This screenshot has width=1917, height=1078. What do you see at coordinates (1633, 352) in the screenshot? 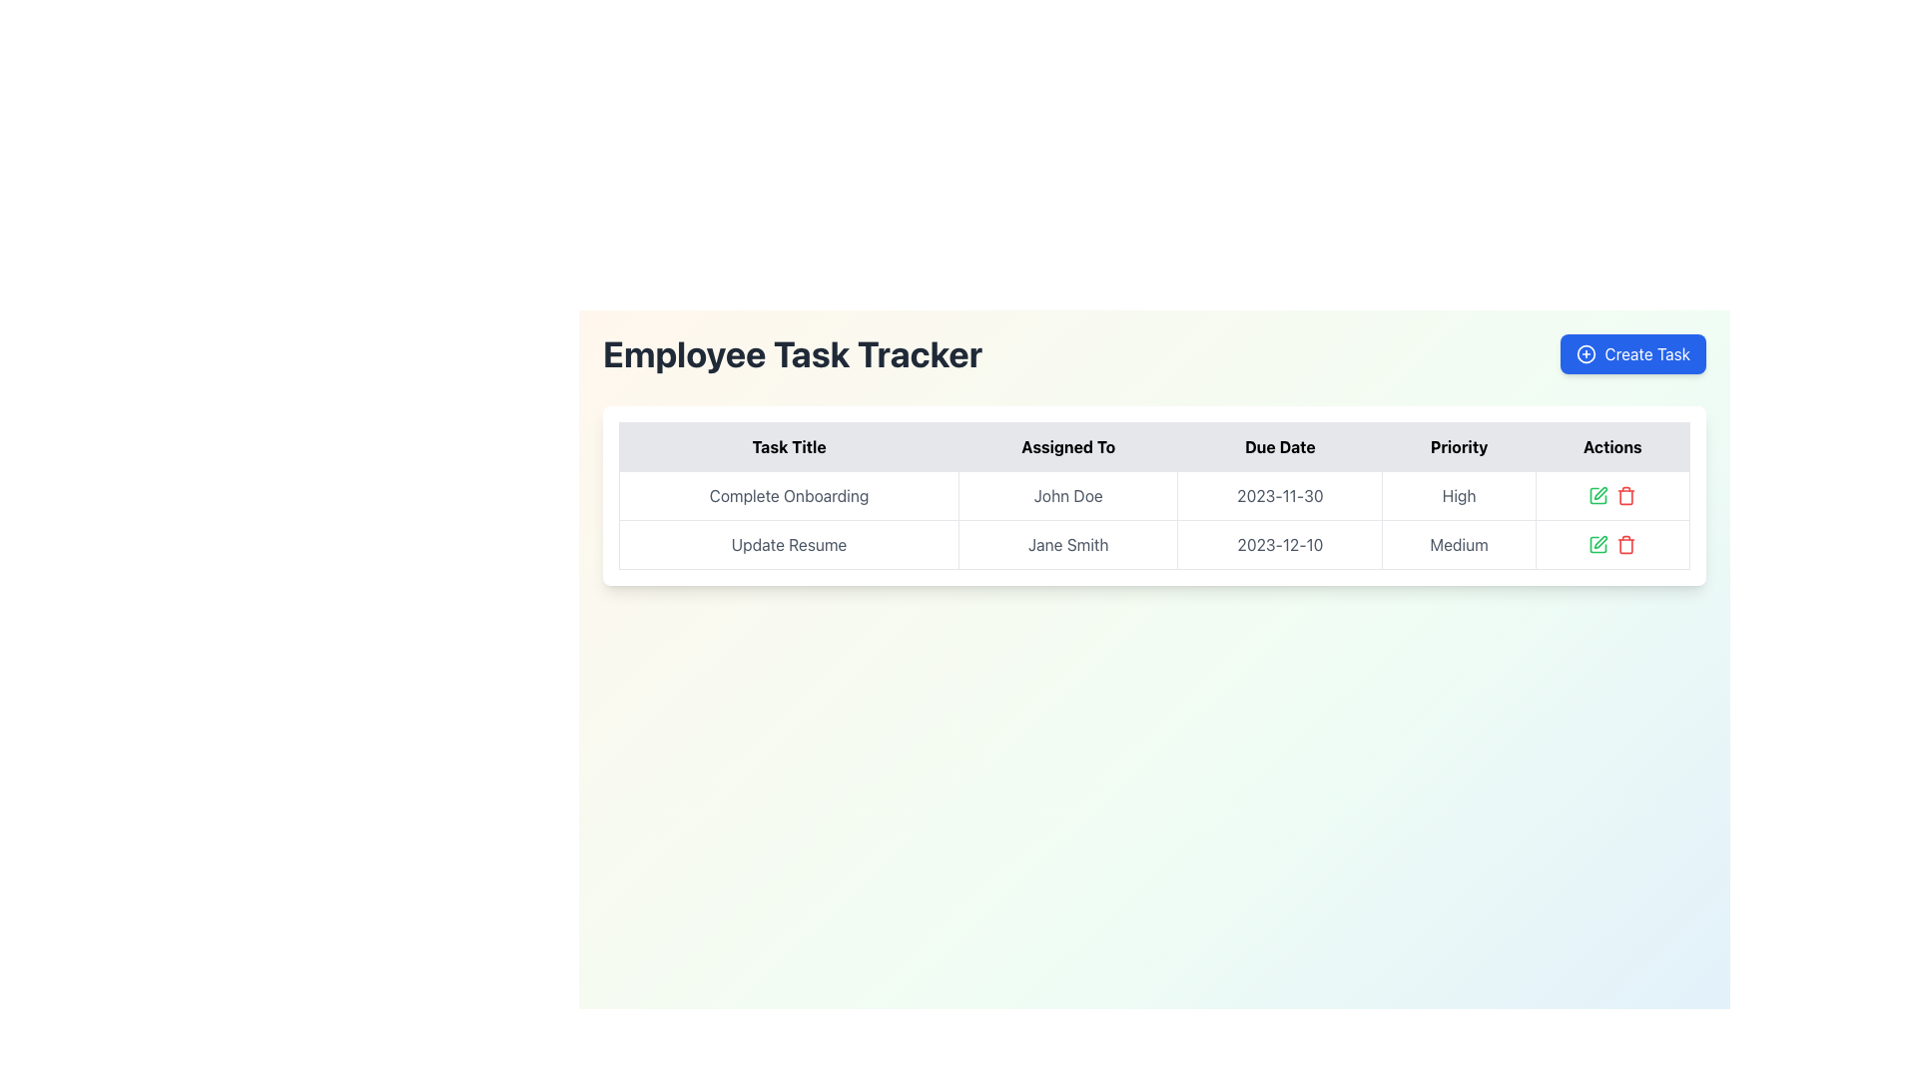
I see `the button located at the top-right corner of the interface, which initiates the task creation process and is visually distinct from the 'Employee Task Tracker' title` at bounding box center [1633, 352].